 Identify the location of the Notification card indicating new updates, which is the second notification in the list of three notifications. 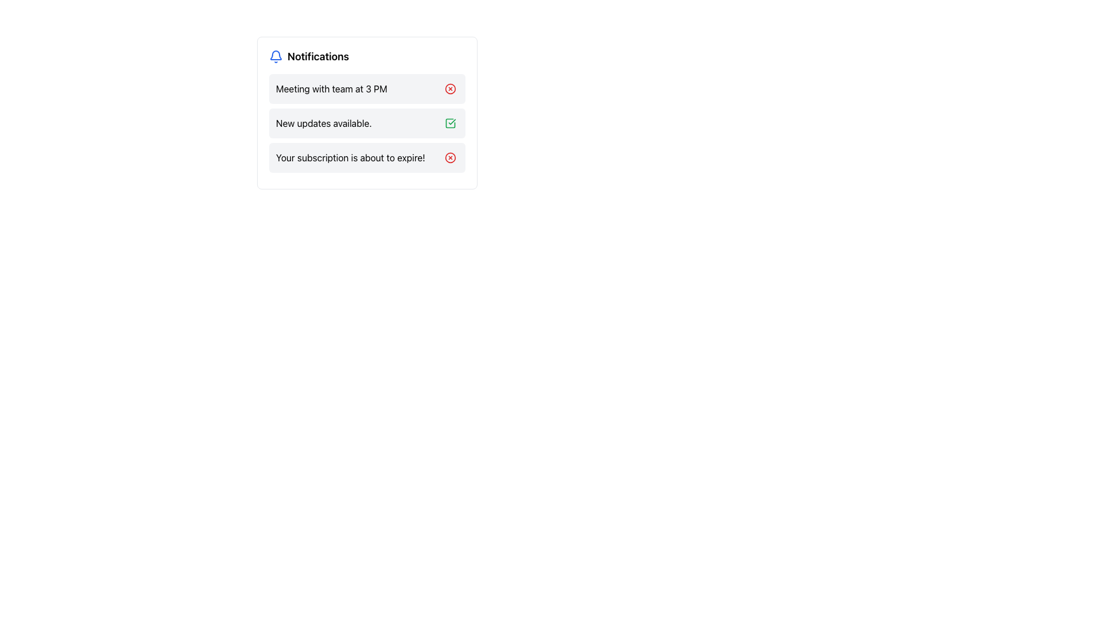
(366, 123).